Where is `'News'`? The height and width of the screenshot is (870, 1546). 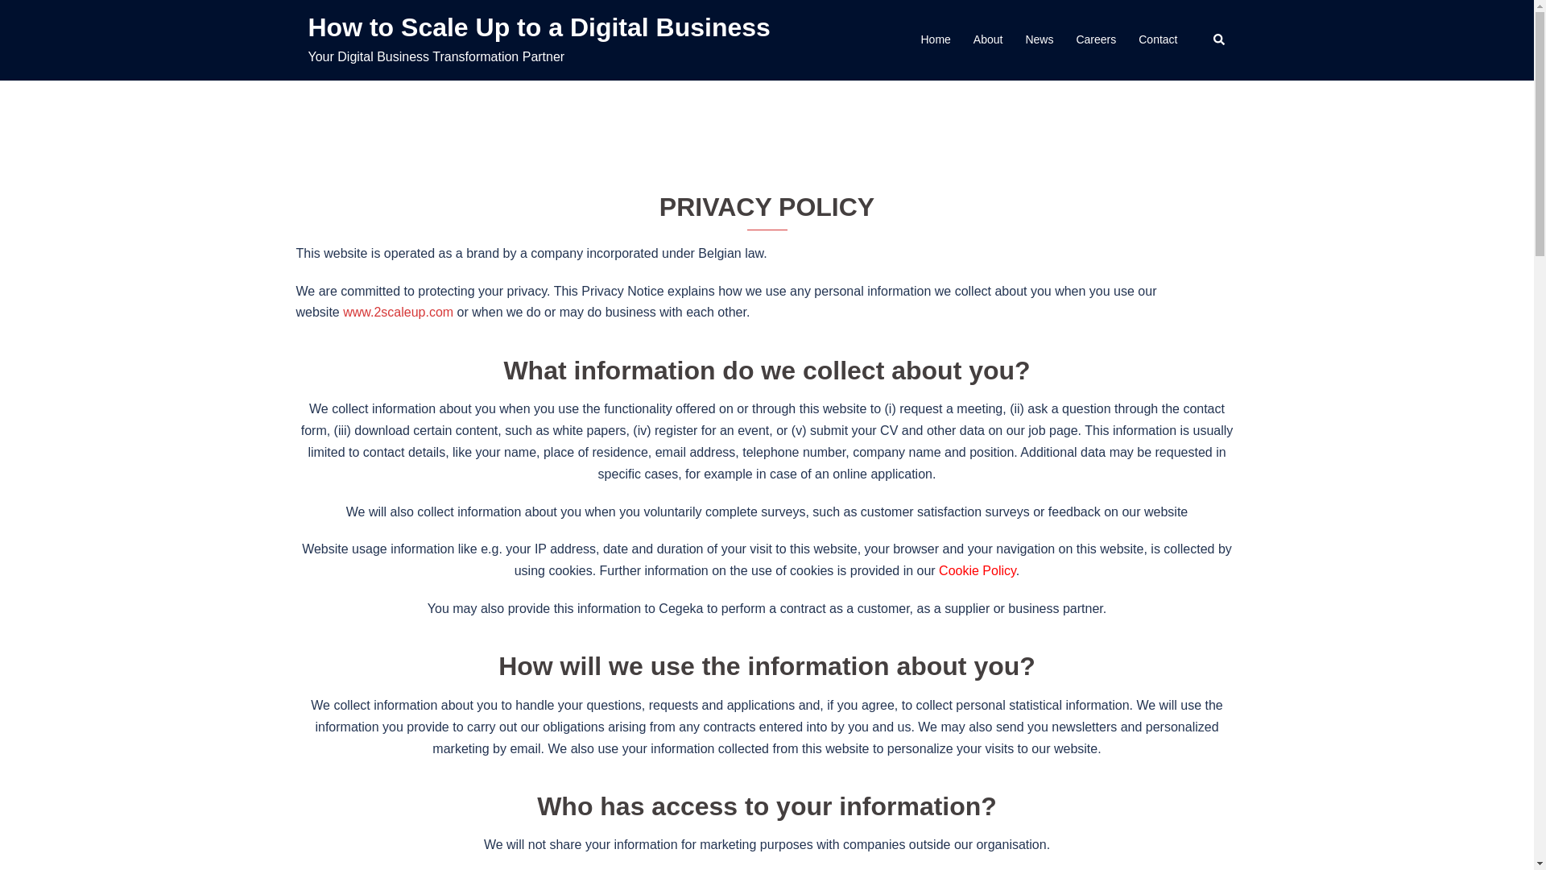
'News' is located at coordinates (1039, 39).